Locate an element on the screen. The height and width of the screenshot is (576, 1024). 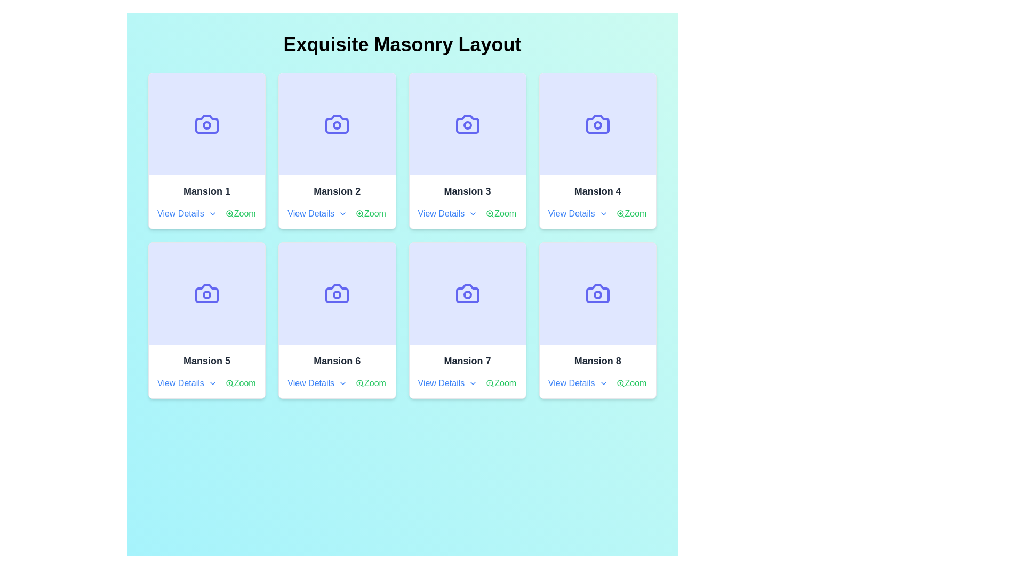
the 'Zoom' link in the Card titled 'Mansion 5', which is styled in bold dark font and placed in the second row of the grid layout labeled 'Exquisite Masonry Layout' is located at coordinates (207, 371).